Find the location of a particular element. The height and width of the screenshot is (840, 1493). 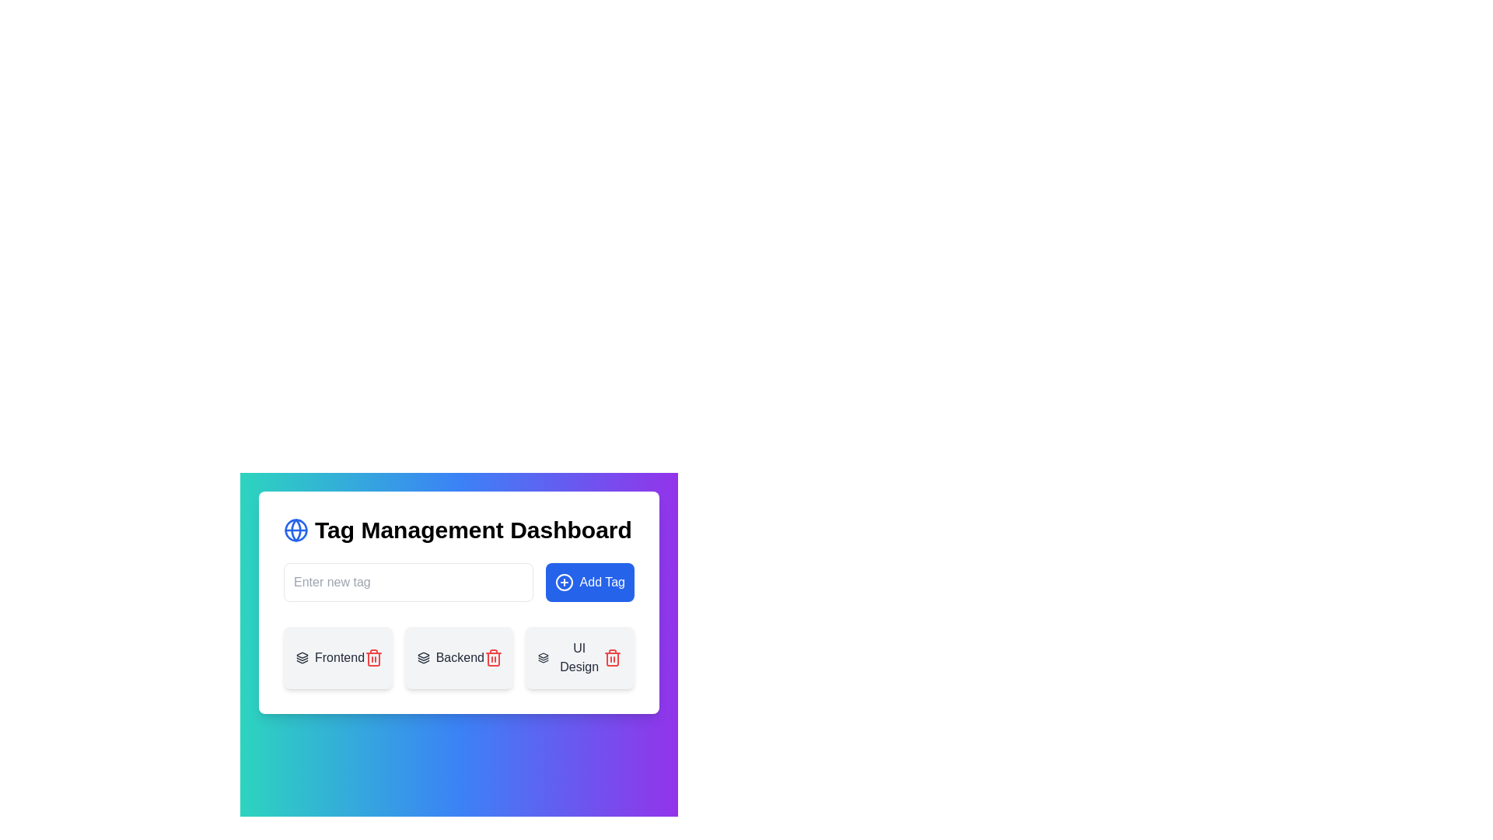

the plus icon within the 'Add Tag' button, which indicates the action of adding or creating new tags is located at coordinates (563, 582).